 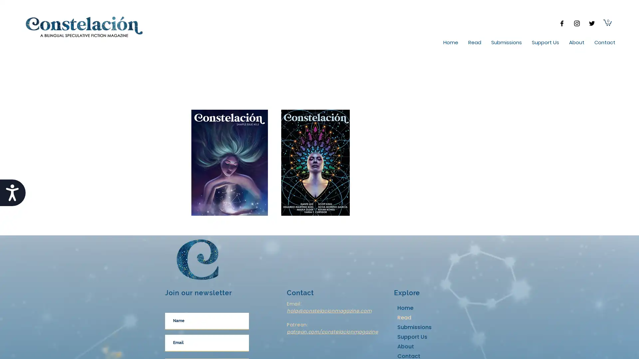 What do you see at coordinates (567, 347) in the screenshot?
I see `Cookie Settings` at bounding box center [567, 347].